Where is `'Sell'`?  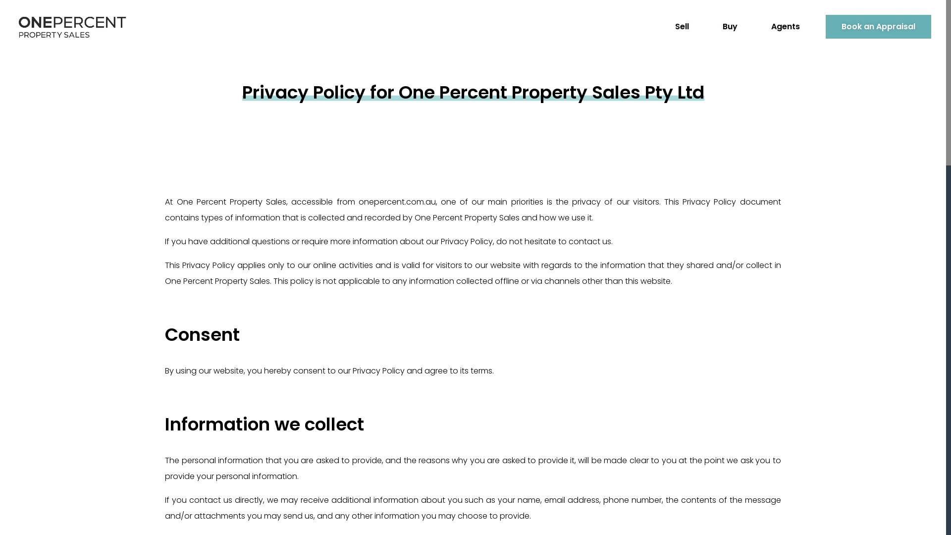 'Sell' is located at coordinates (682, 26).